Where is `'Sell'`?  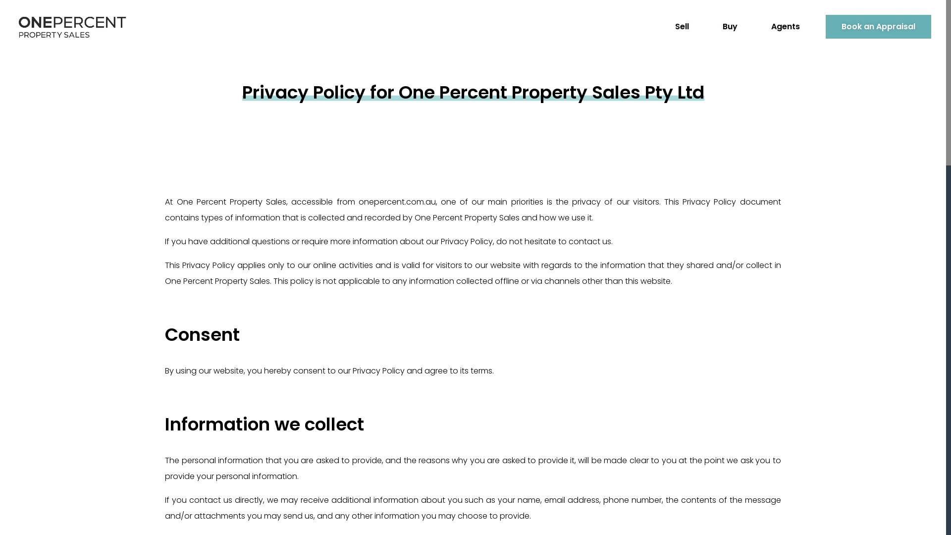 'Sell' is located at coordinates (682, 26).